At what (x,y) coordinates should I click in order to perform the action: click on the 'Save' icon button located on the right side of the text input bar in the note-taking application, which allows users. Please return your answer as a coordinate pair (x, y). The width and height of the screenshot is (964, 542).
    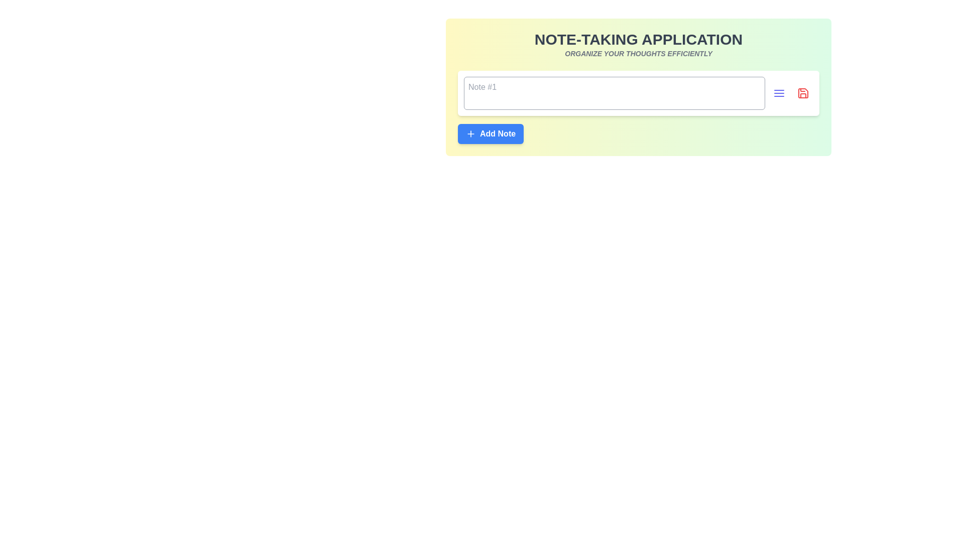
    Looking at the image, I should click on (802, 93).